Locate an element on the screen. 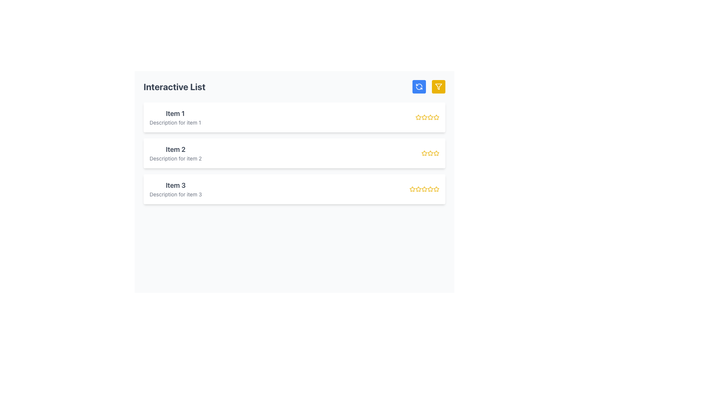  the fourth star icon in the rating section of the third content card is located at coordinates (430, 189).